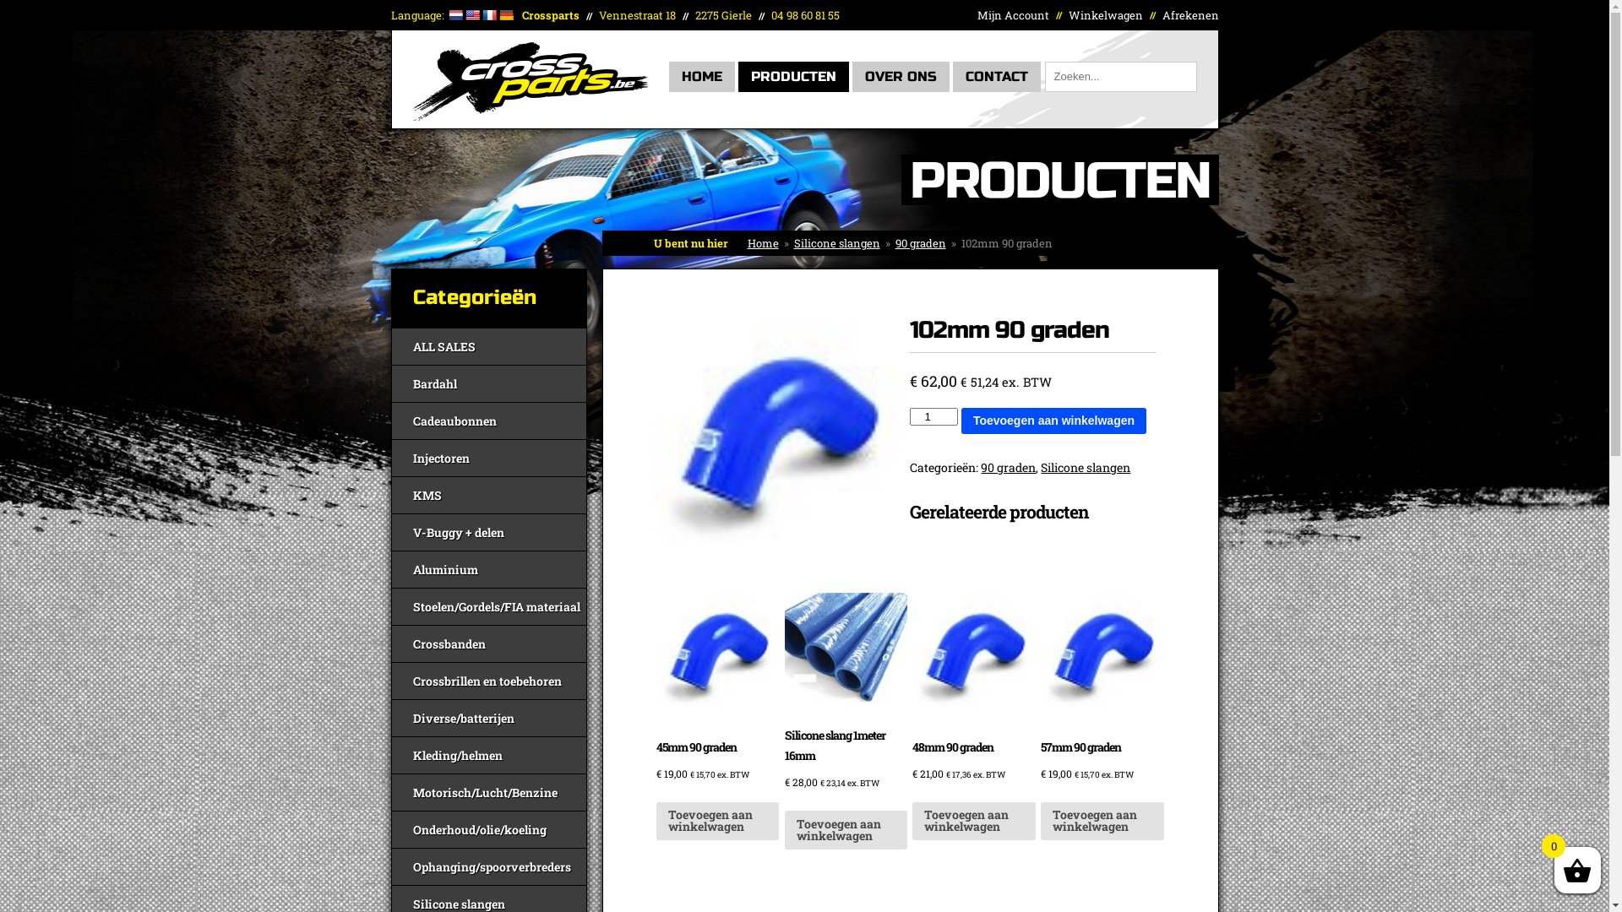  I want to click on 'CONTACT', so click(997, 77).